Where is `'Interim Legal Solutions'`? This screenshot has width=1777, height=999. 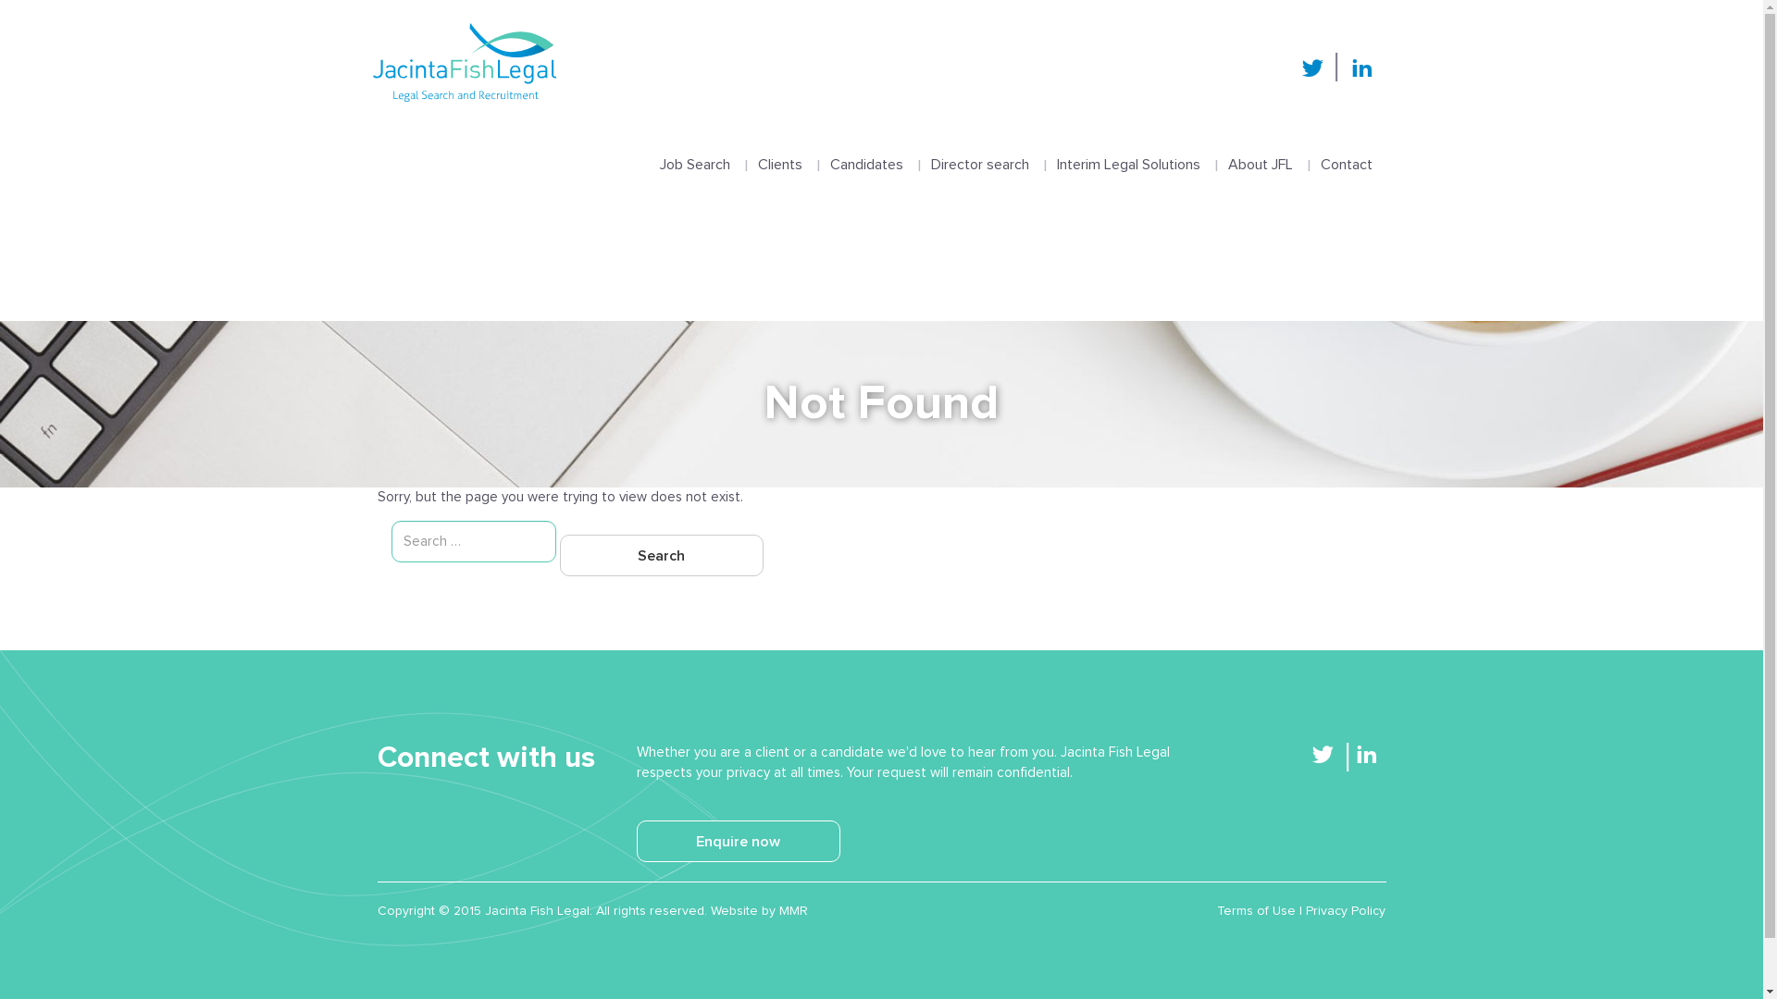
'Interim Legal Solutions' is located at coordinates (1126, 145).